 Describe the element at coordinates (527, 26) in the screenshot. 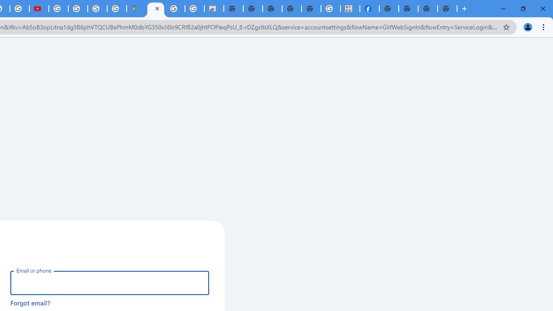

I see `'You'` at that location.